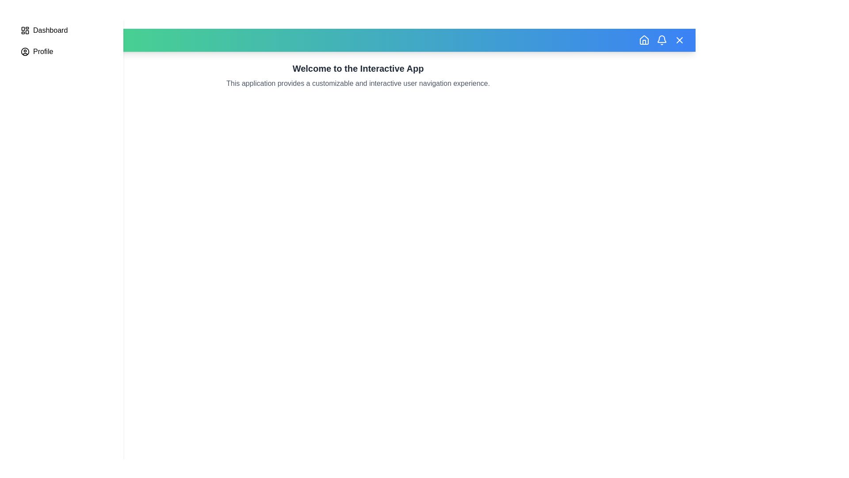 The height and width of the screenshot is (478, 849). Describe the element at coordinates (358, 84) in the screenshot. I see `the descriptive paragraph text that provides an overview of the application's purpose and features, located below the title 'Welcome to the Interactive App'` at that location.